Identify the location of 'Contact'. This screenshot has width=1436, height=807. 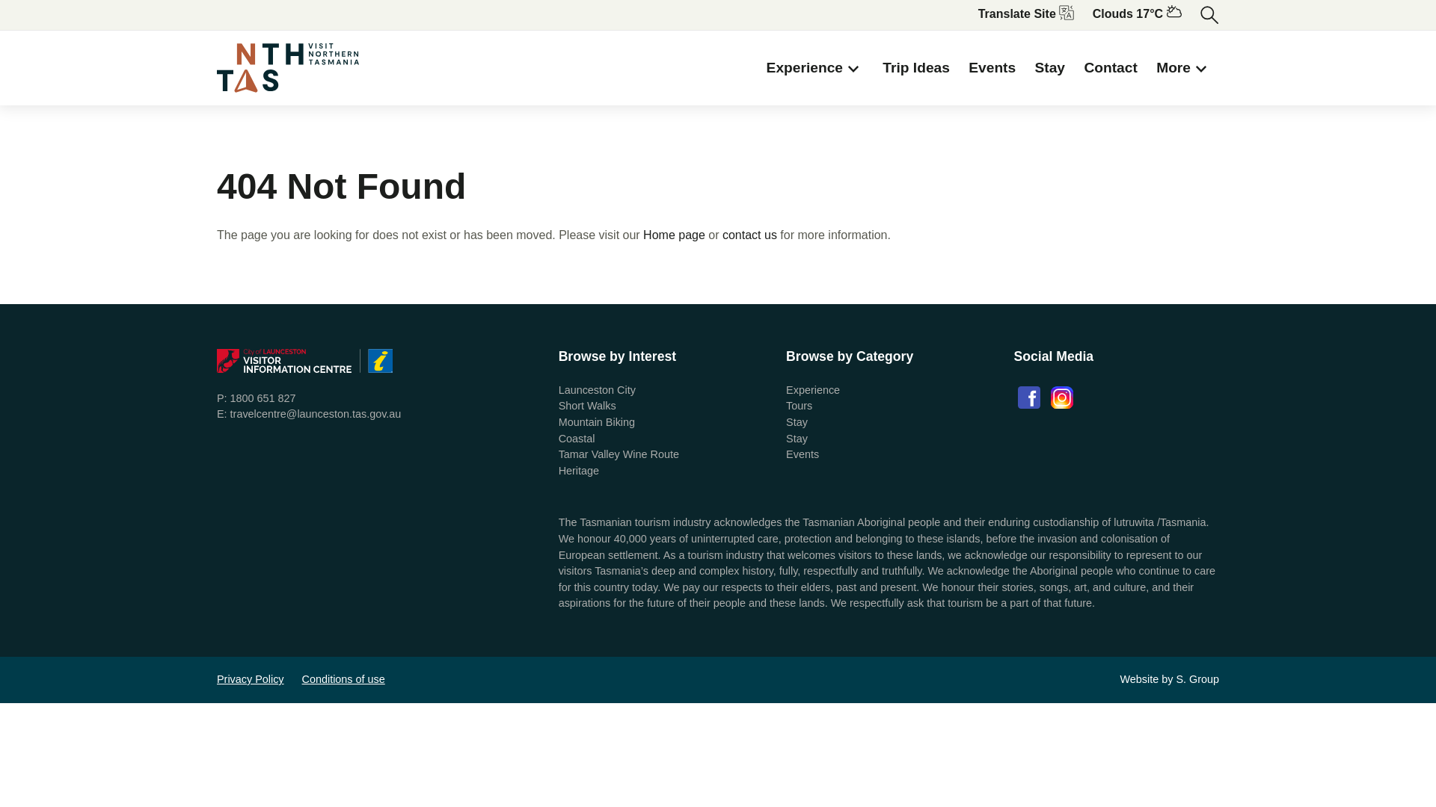
(1110, 68).